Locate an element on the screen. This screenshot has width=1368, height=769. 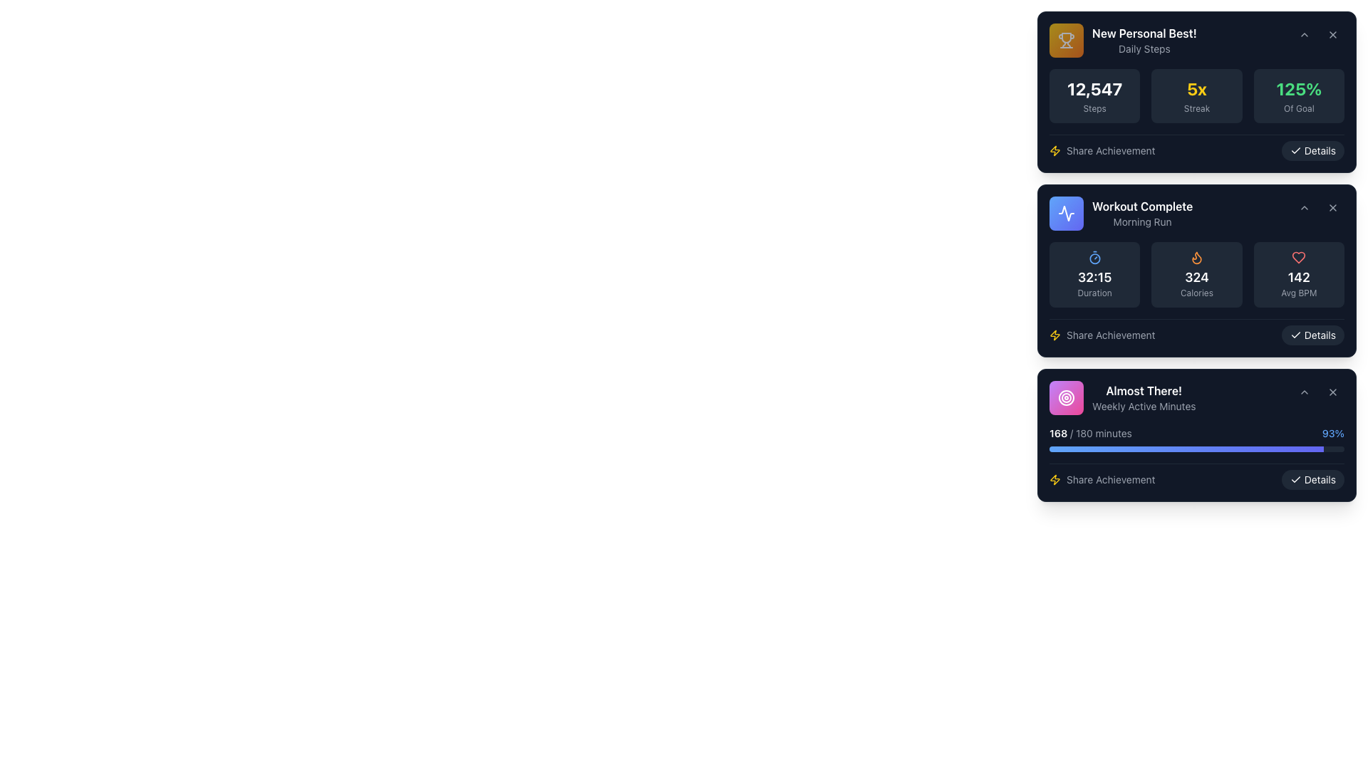
the achievement icon located at the top-left corner of the 'New Personal Best! Daily Steps' card is located at coordinates (1067, 40).